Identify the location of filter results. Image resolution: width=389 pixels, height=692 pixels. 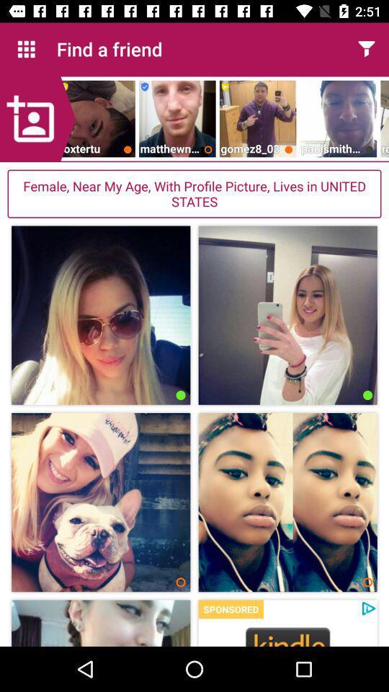
(366, 49).